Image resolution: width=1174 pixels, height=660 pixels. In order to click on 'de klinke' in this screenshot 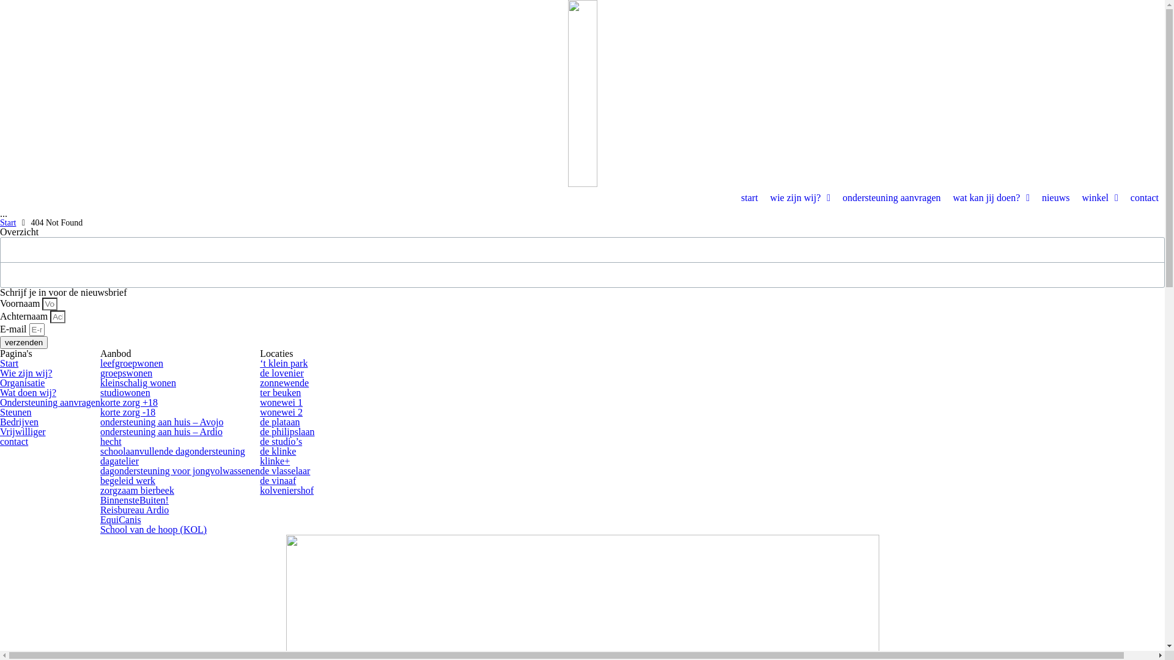, I will do `click(277, 451)`.